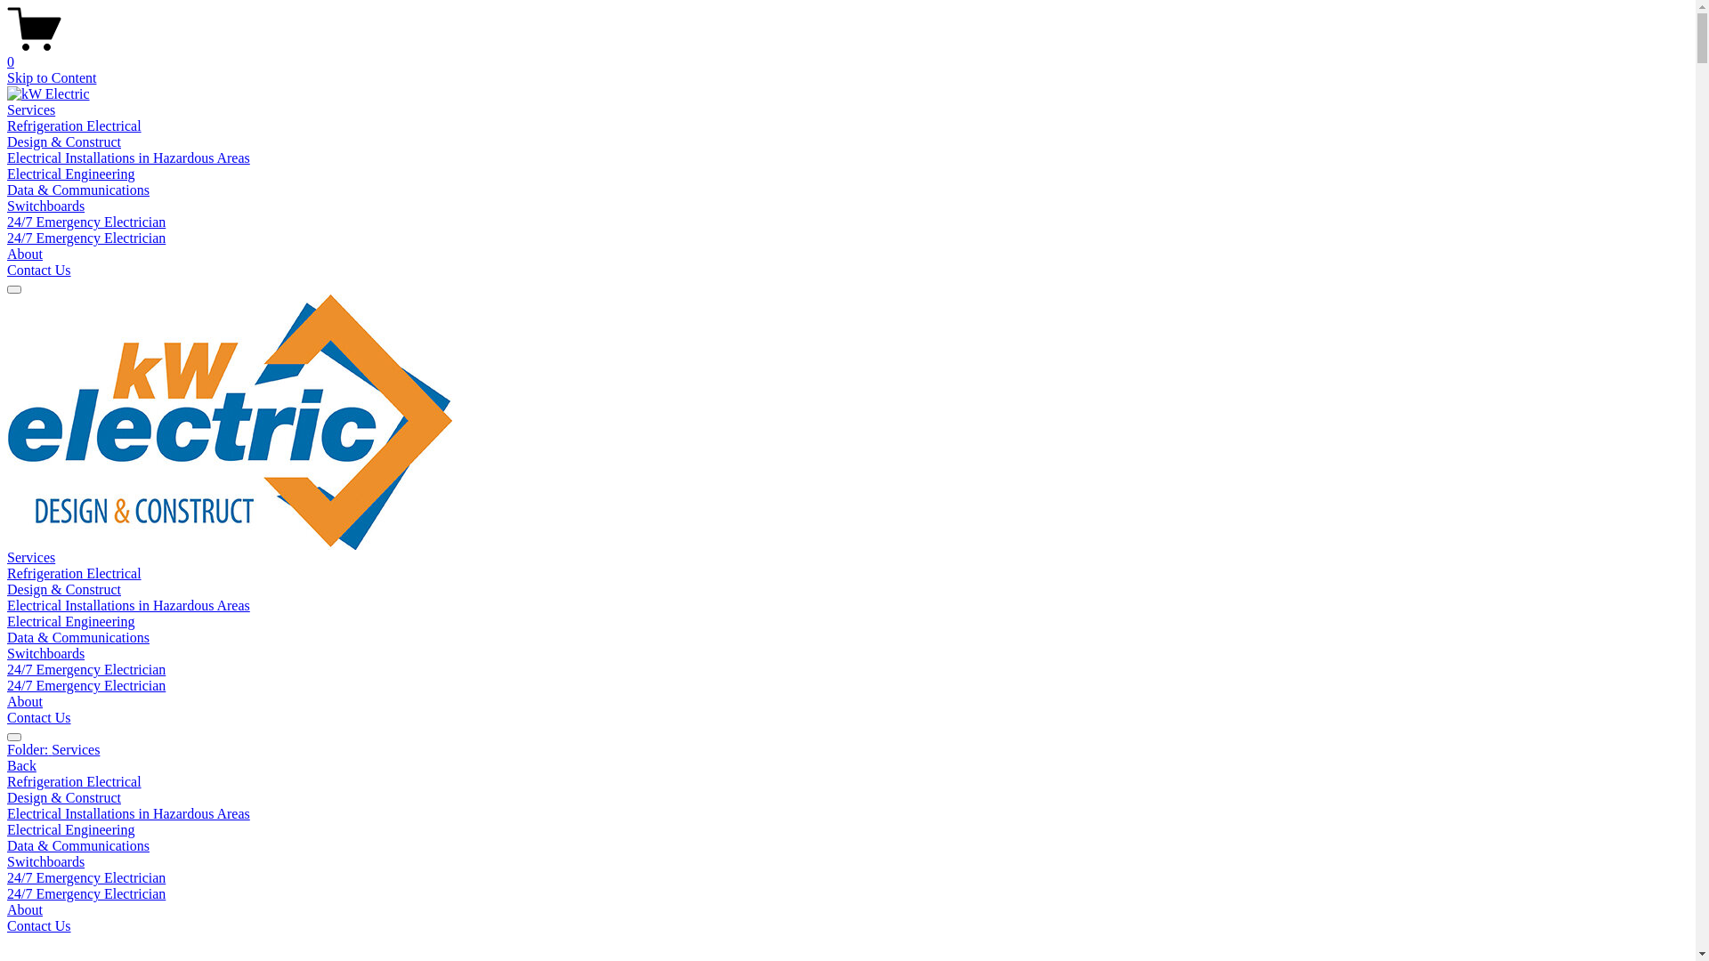 The height and width of the screenshot is (961, 1709). What do you see at coordinates (73, 125) in the screenshot?
I see `'Refrigeration Electrical'` at bounding box center [73, 125].